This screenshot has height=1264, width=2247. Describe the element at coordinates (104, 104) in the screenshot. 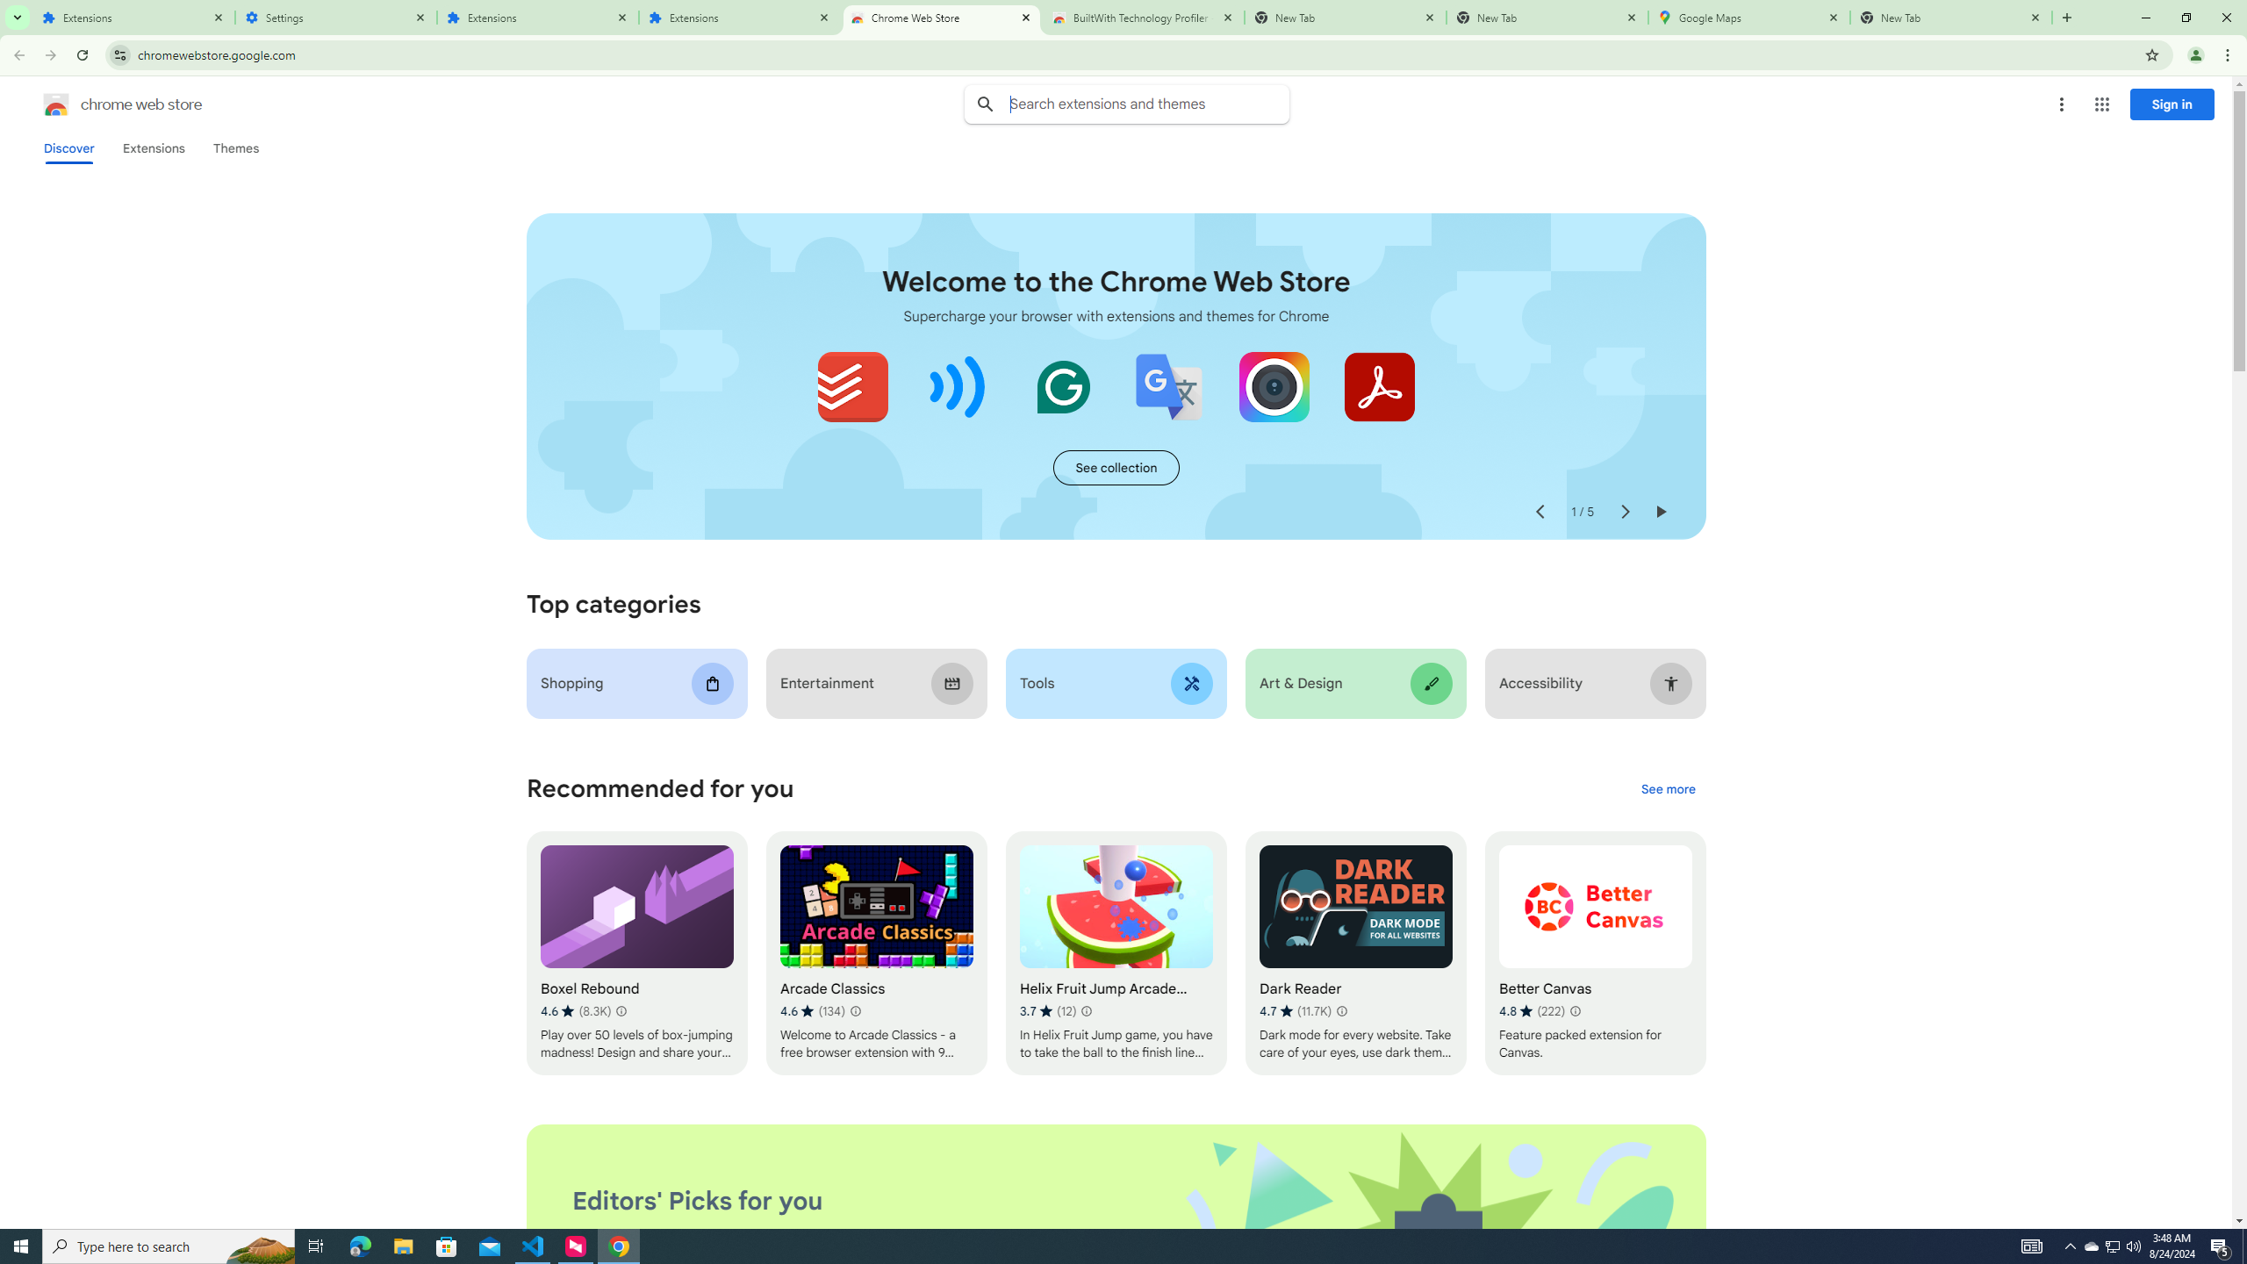

I see `'Chrome Web Store logo chrome web store'` at that location.